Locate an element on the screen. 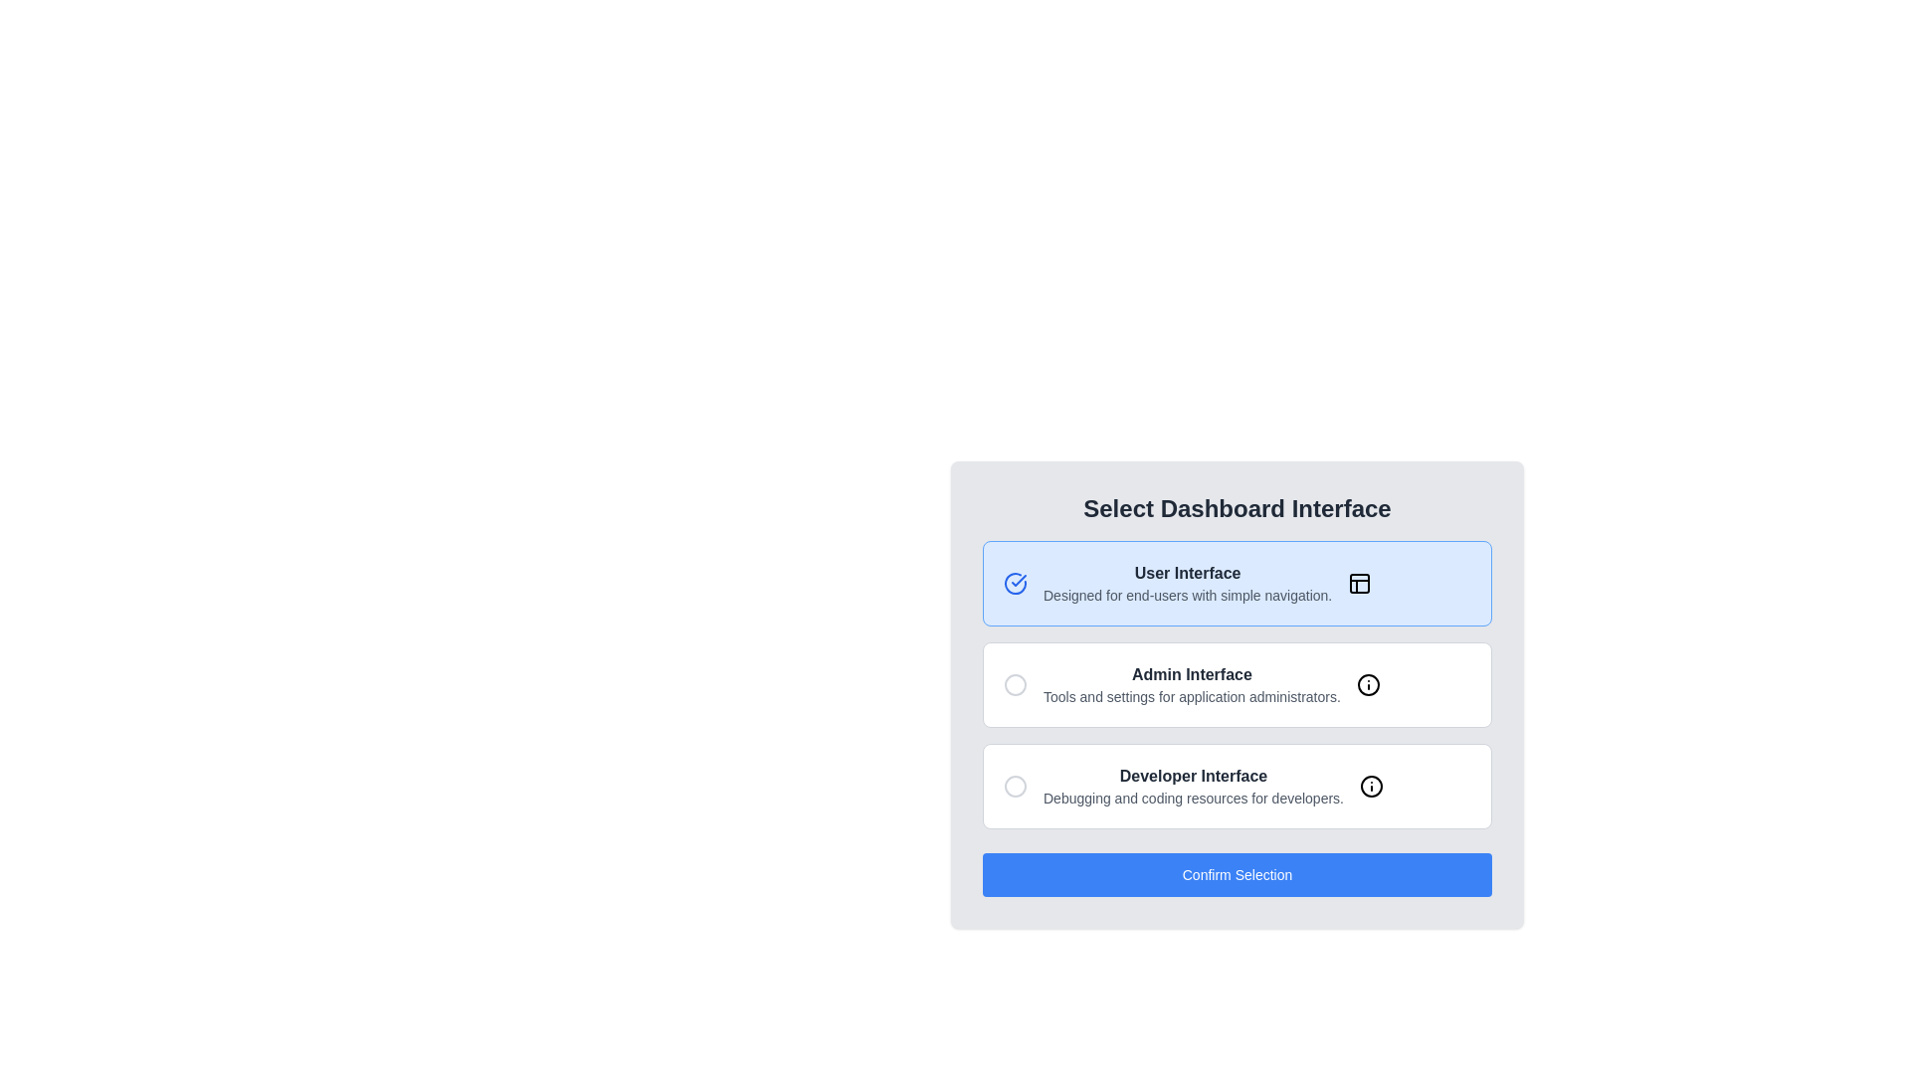  the solid circular graphic radio button styled with a gray fill and medium thickness border is located at coordinates (1016, 684).